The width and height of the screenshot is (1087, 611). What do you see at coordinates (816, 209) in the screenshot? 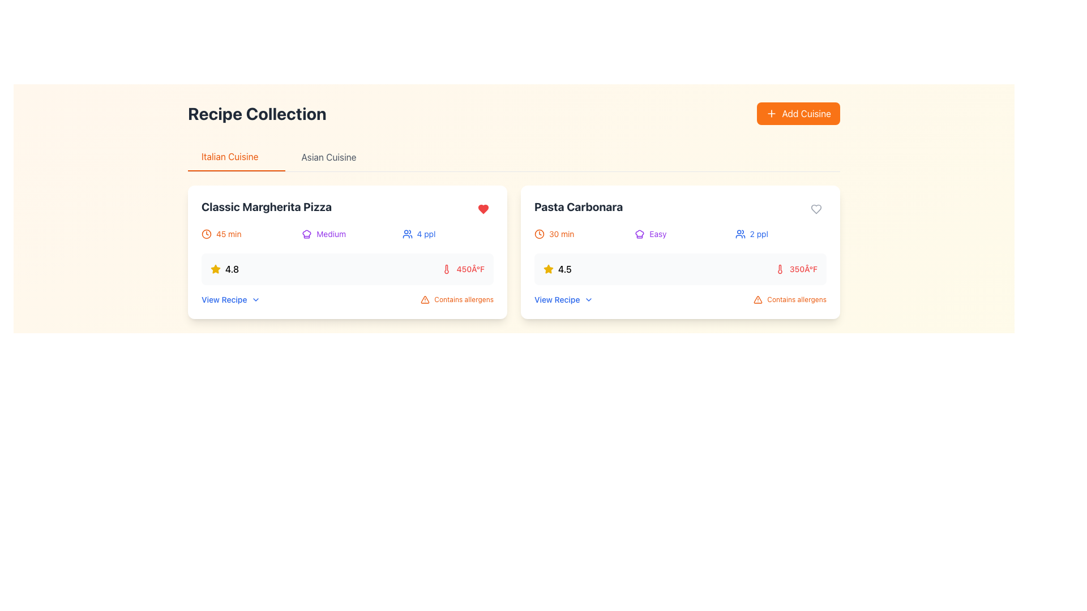
I see `the favorite/like button located in the top-right corner of the 'Pasta Carbonara' recipe card to mark it as a favorite` at bounding box center [816, 209].